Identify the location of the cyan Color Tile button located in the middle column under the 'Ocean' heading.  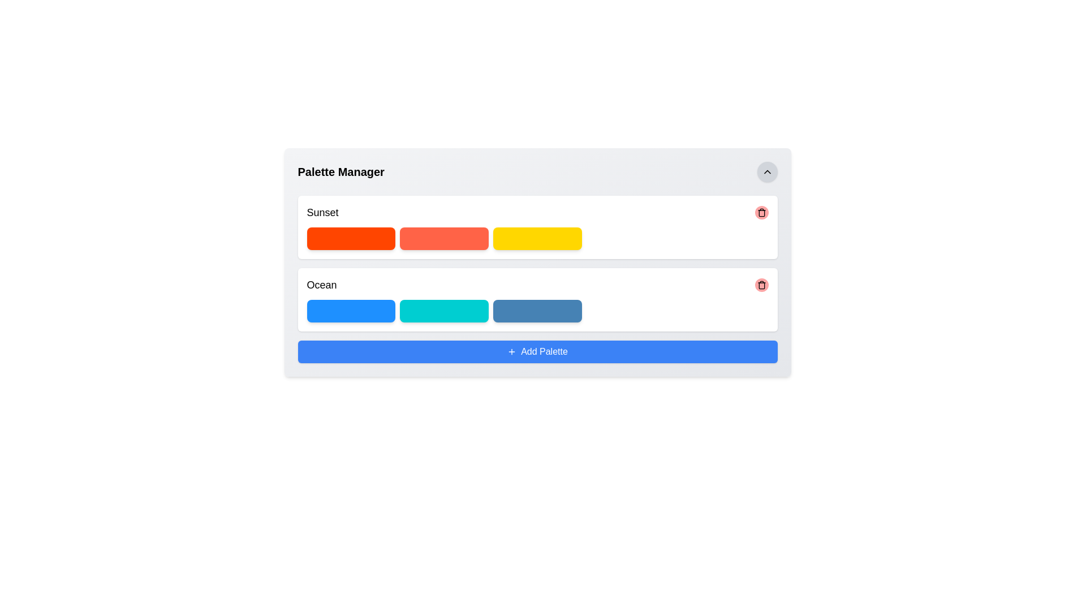
(443, 311).